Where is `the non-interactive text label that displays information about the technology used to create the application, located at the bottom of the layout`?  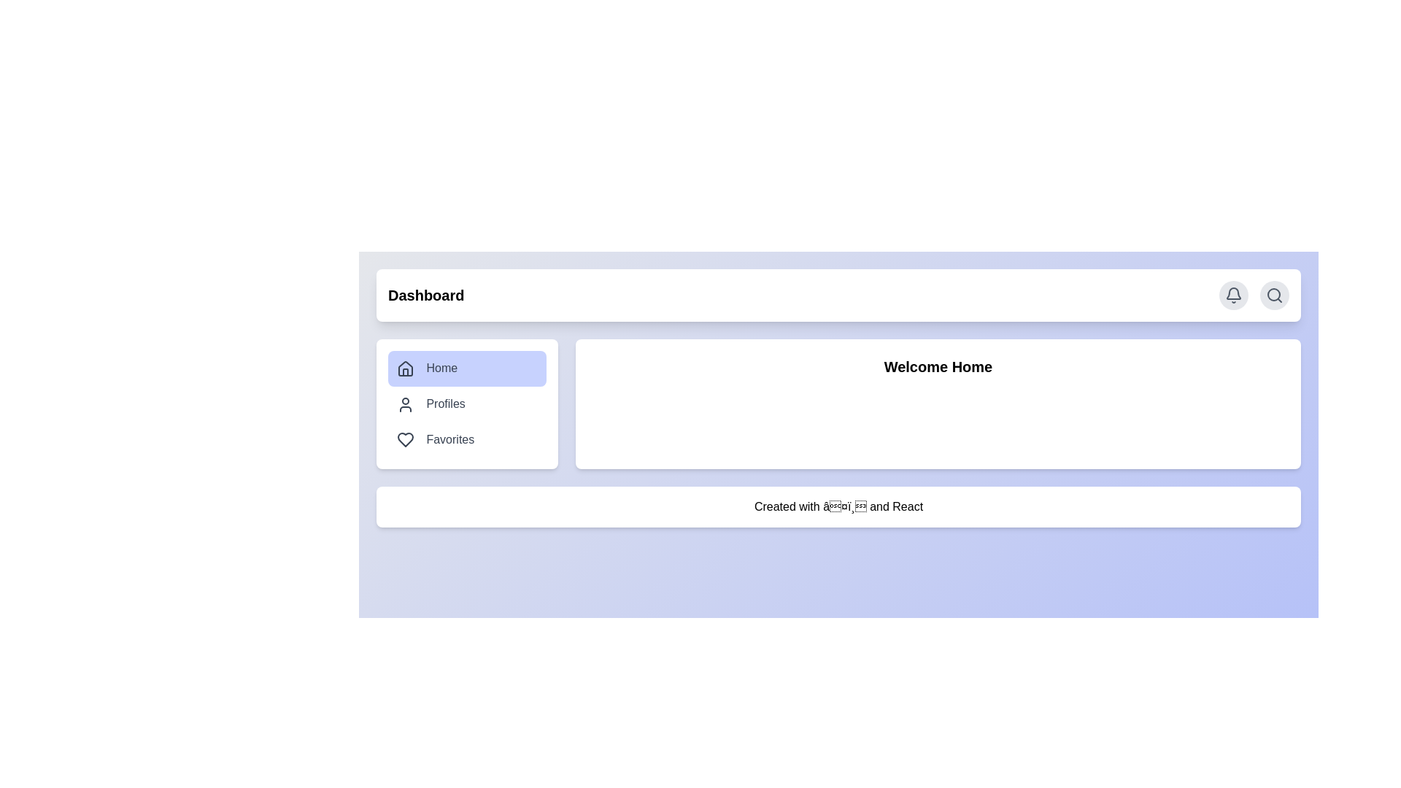
the non-interactive text label that displays information about the technology used to create the application, located at the bottom of the layout is located at coordinates (838, 506).